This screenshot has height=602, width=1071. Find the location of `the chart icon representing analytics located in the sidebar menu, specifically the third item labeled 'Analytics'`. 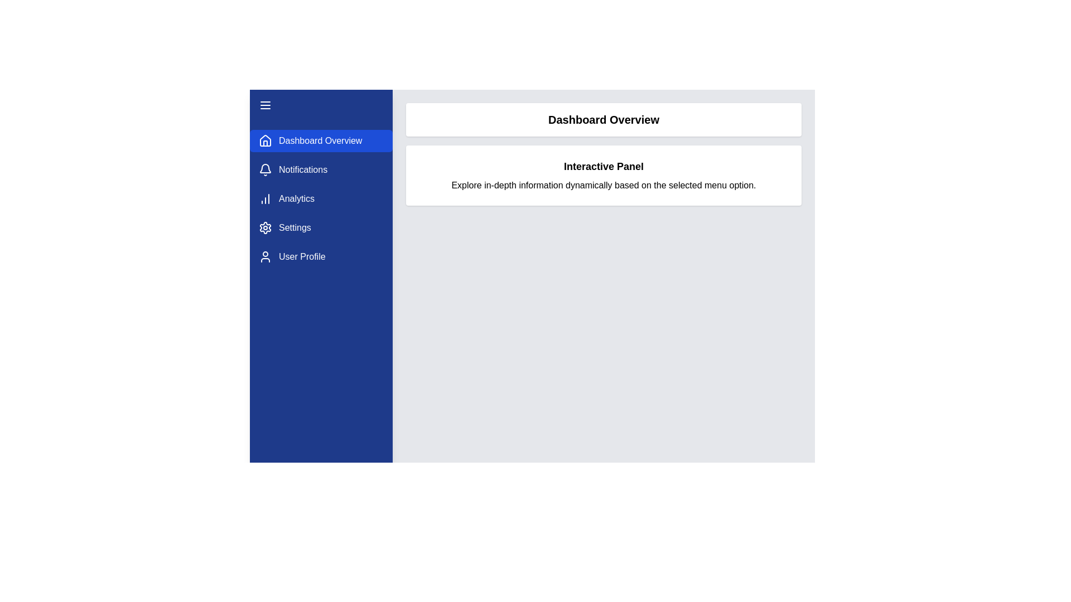

the chart icon representing analytics located in the sidebar menu, specifically the third item labeled 'Analytics' is located at coordinates (264, 198).